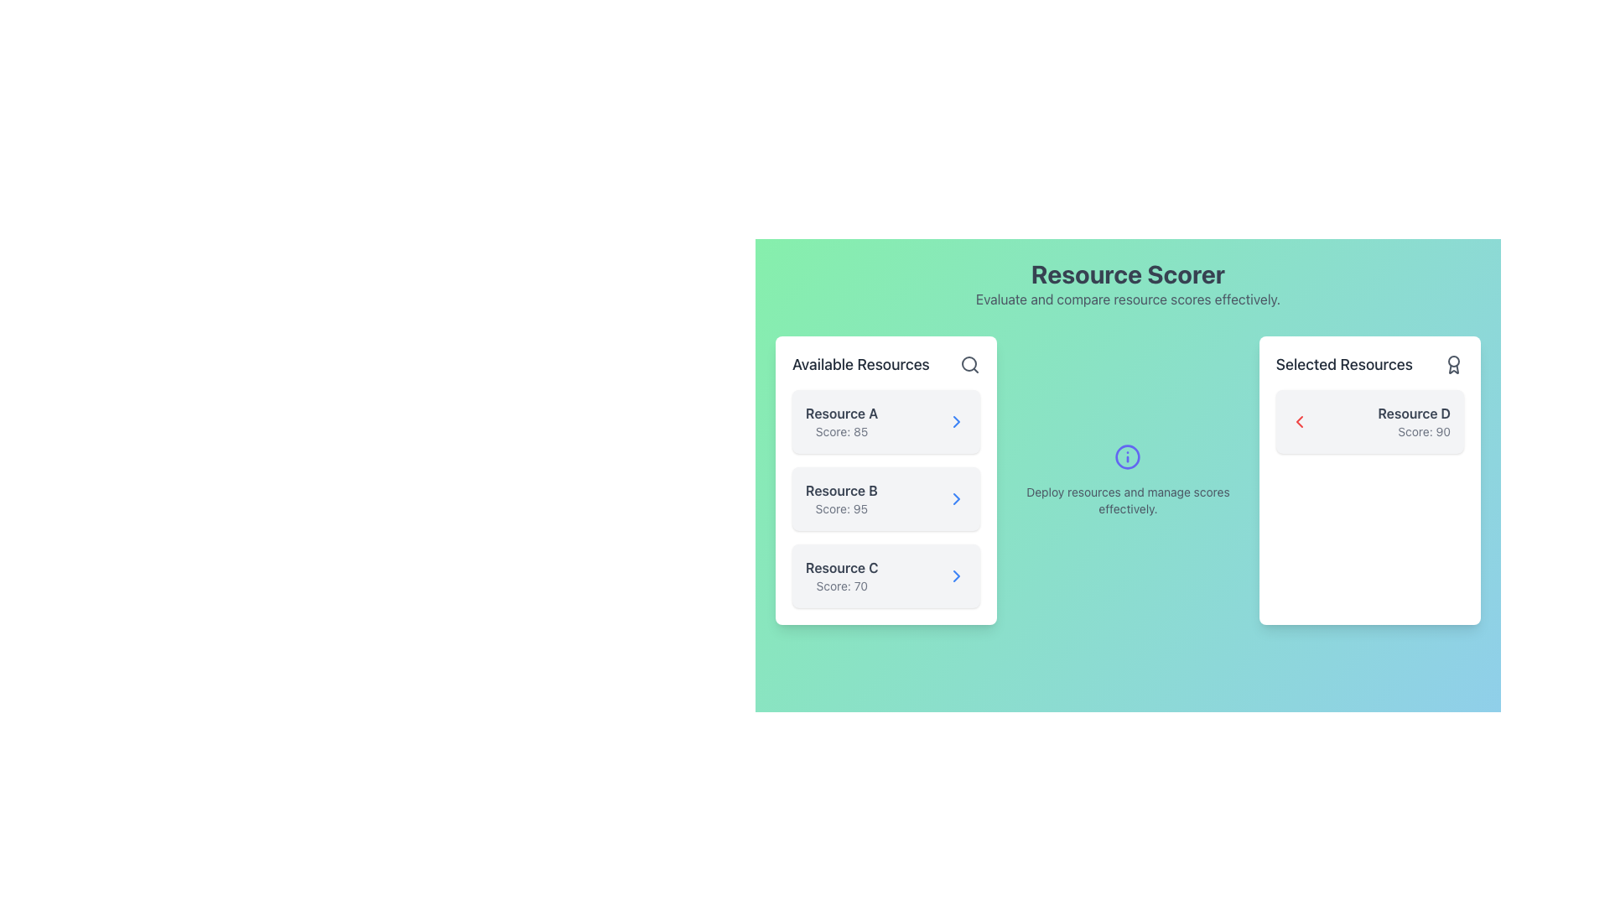  What do you see at coordinates (969, 363) in the screenshot?
I see `the decorative SVG circle within the search icon located in the 'Available Resources' section header, positioned at the top-right corner next to the text label` at bounding box center [969, 363].